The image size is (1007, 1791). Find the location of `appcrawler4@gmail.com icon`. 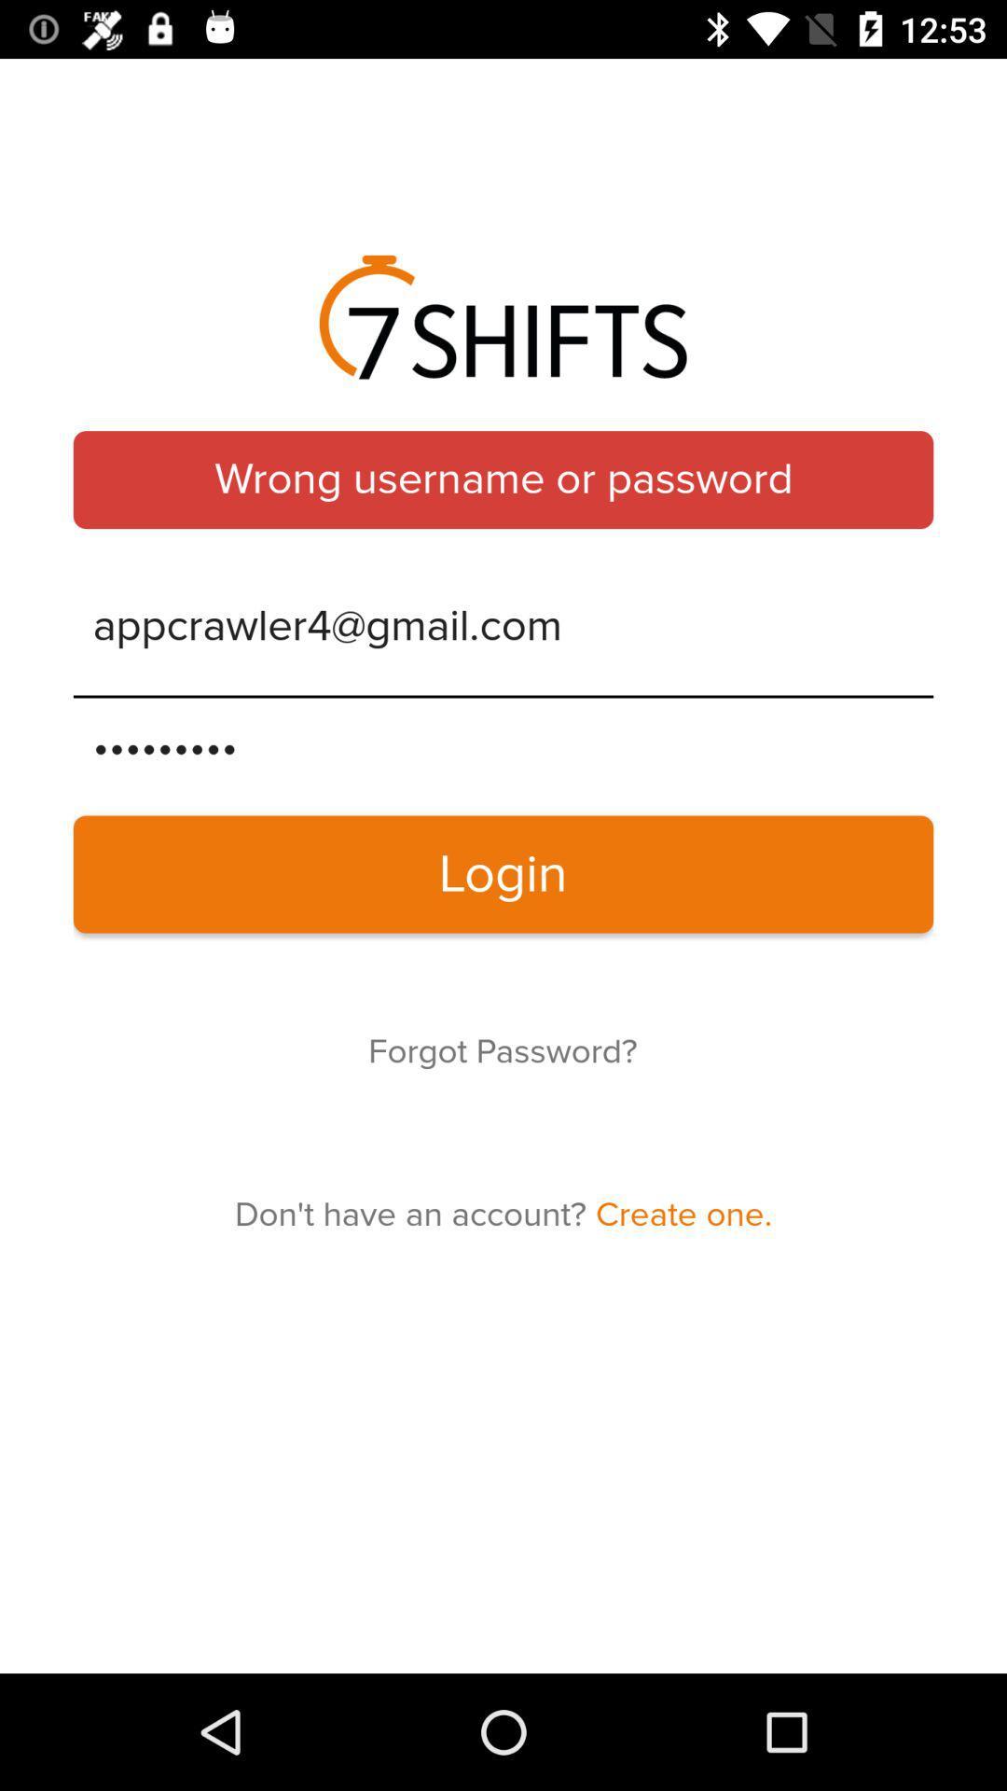

appcrawler4@gmail.com icon is located at coordinates (504, 627).